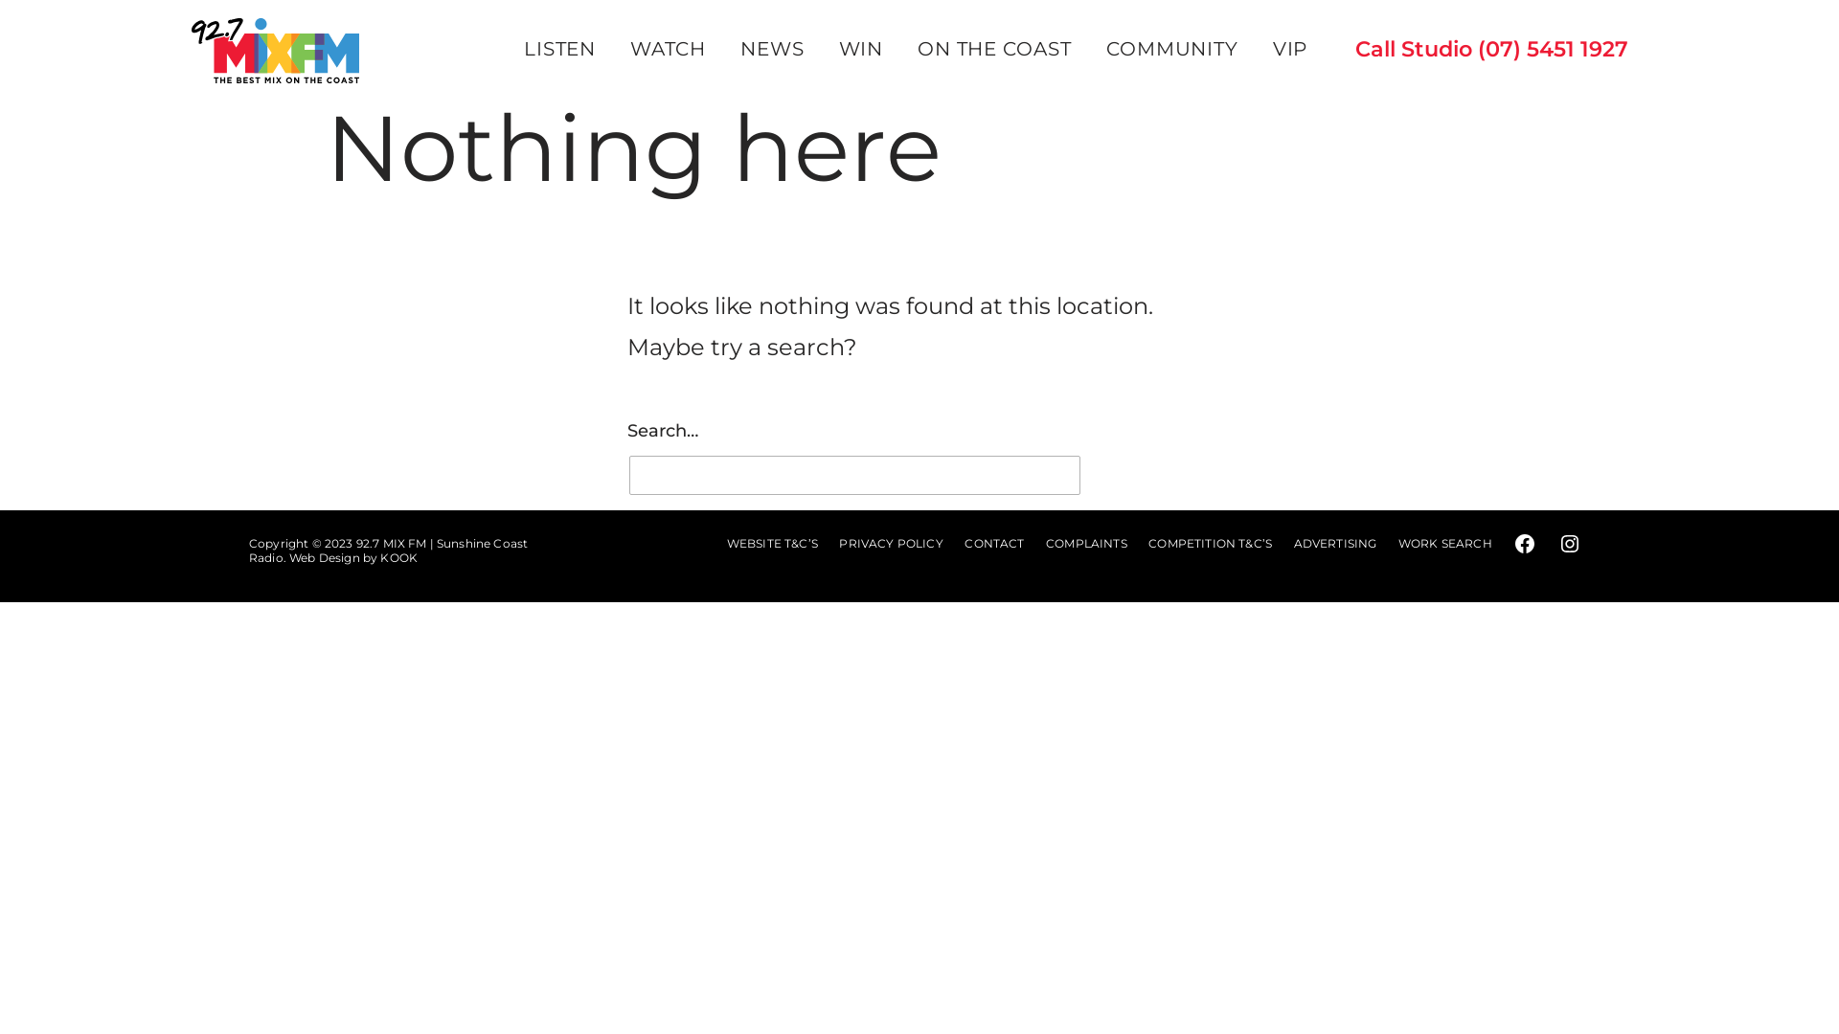  Describe the element at coordinates (1086, 543) in the screenshot. I see `'COMPLAINTS'` at that location.